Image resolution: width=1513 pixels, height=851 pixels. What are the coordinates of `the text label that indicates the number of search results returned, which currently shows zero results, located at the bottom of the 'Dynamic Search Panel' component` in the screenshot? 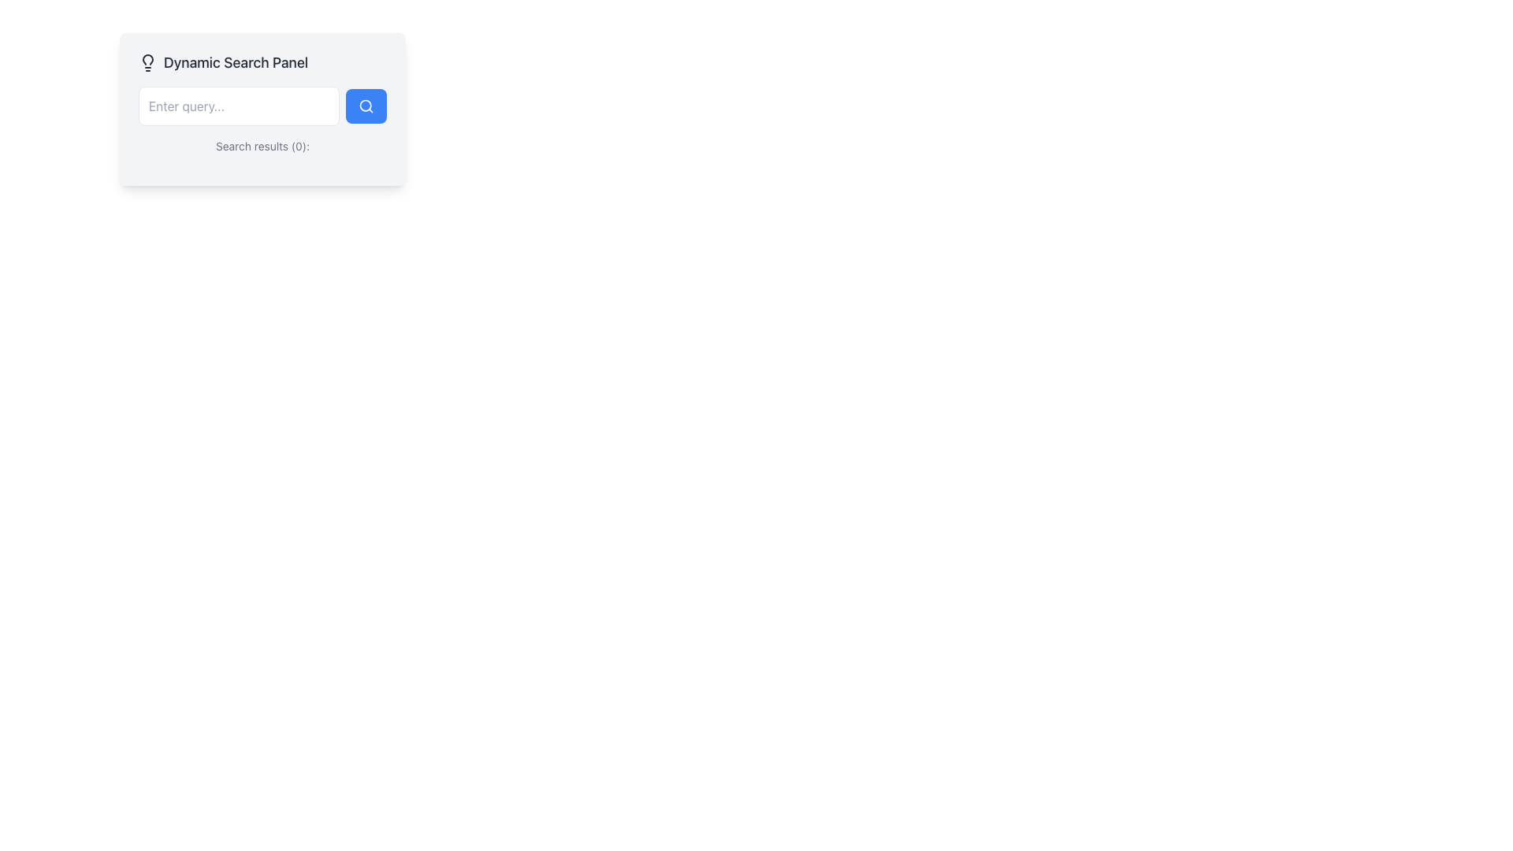 It's located at (262, 146).